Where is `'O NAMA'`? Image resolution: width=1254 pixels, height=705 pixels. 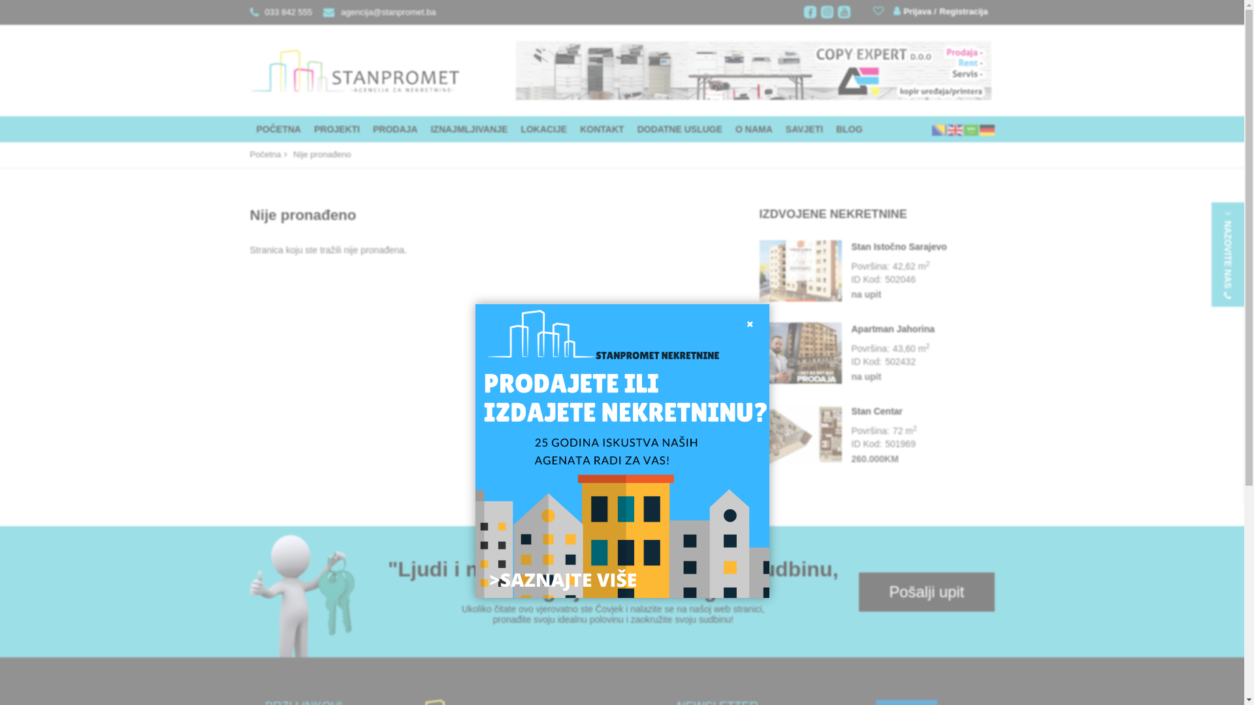 'O NAMA' is located at coordinates (728, 129).